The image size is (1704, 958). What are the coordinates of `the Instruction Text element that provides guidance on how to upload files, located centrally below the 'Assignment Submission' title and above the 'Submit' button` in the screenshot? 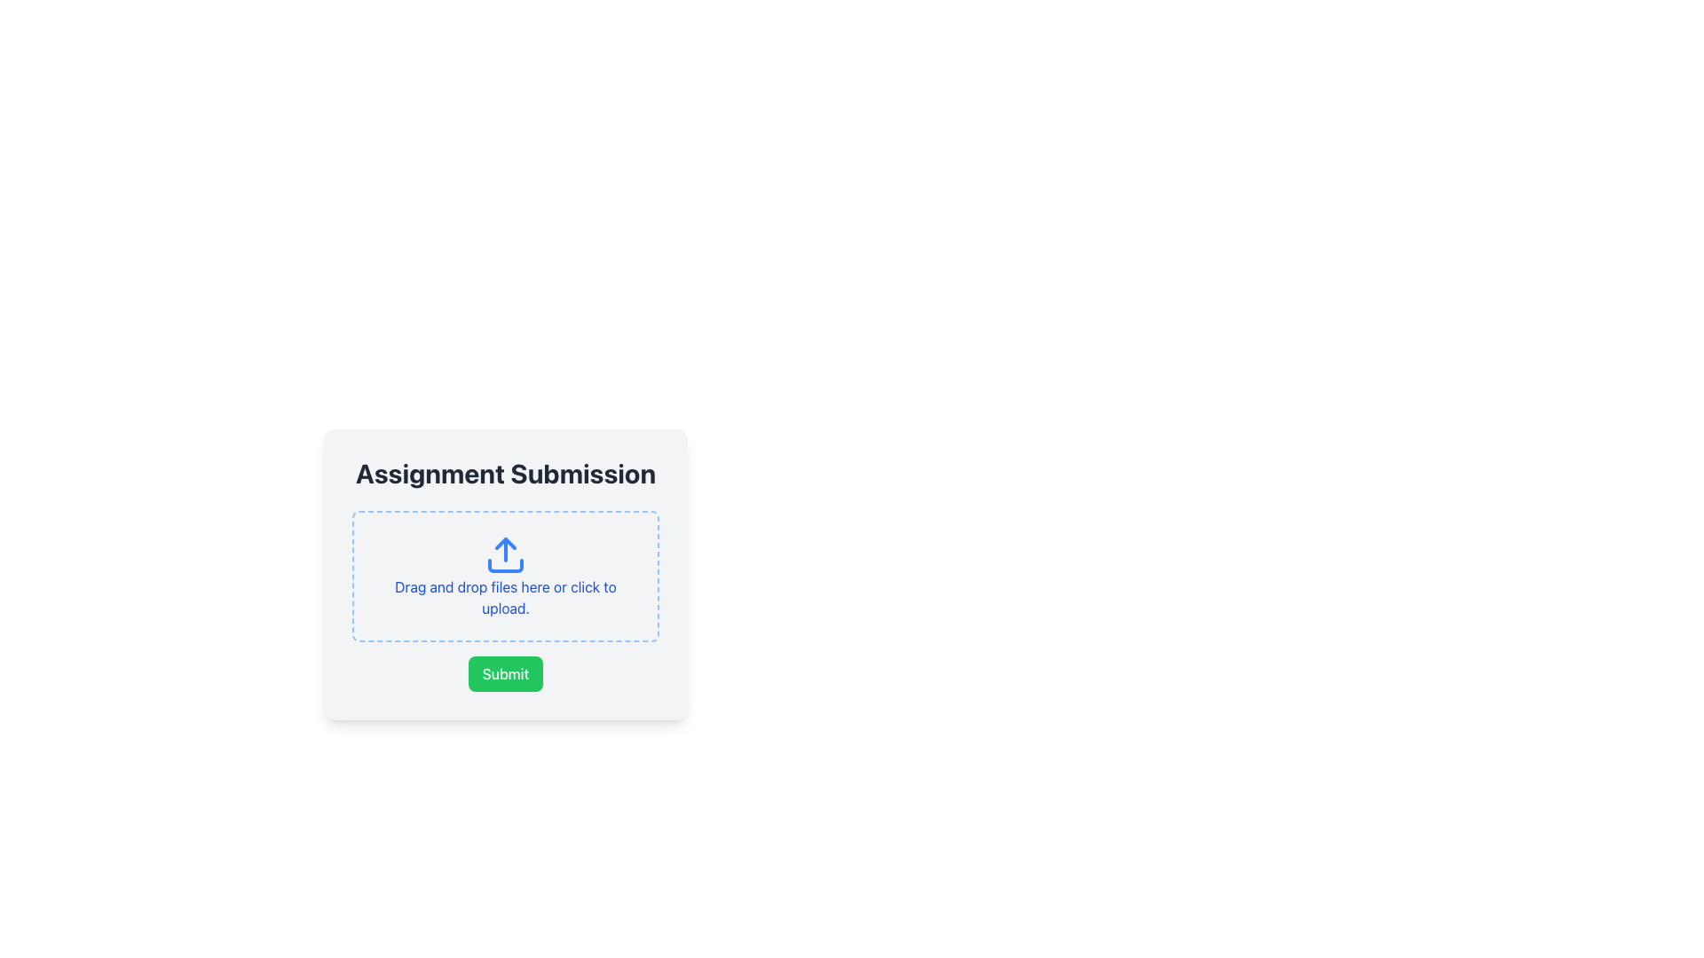 It's located at (505, 598).